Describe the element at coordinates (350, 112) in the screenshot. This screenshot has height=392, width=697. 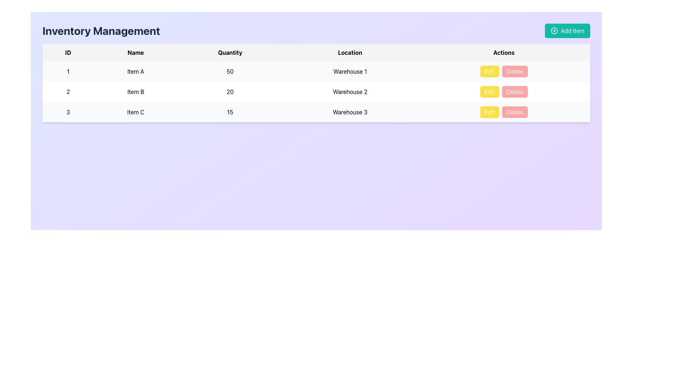
I see `the text label displaying 'Warehouse 3' in the 'Location' column of the table, specifically located in the fourth column of the third row` at that location.